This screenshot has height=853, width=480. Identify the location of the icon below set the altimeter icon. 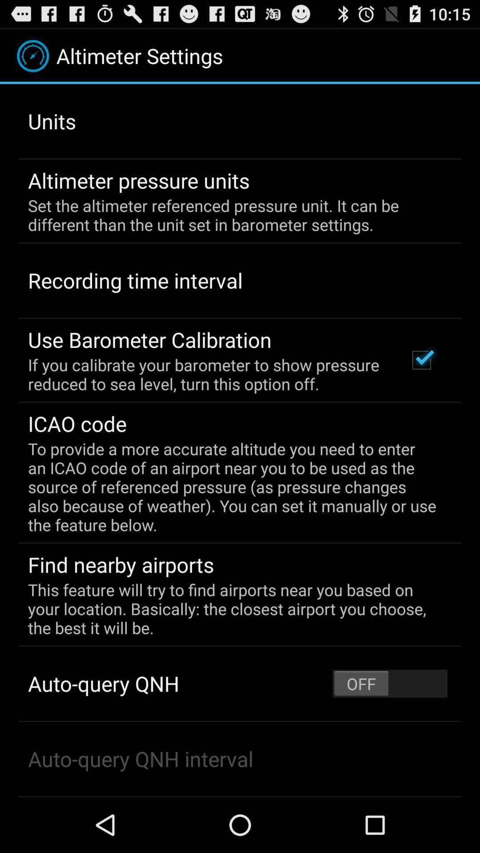
(421, 360).